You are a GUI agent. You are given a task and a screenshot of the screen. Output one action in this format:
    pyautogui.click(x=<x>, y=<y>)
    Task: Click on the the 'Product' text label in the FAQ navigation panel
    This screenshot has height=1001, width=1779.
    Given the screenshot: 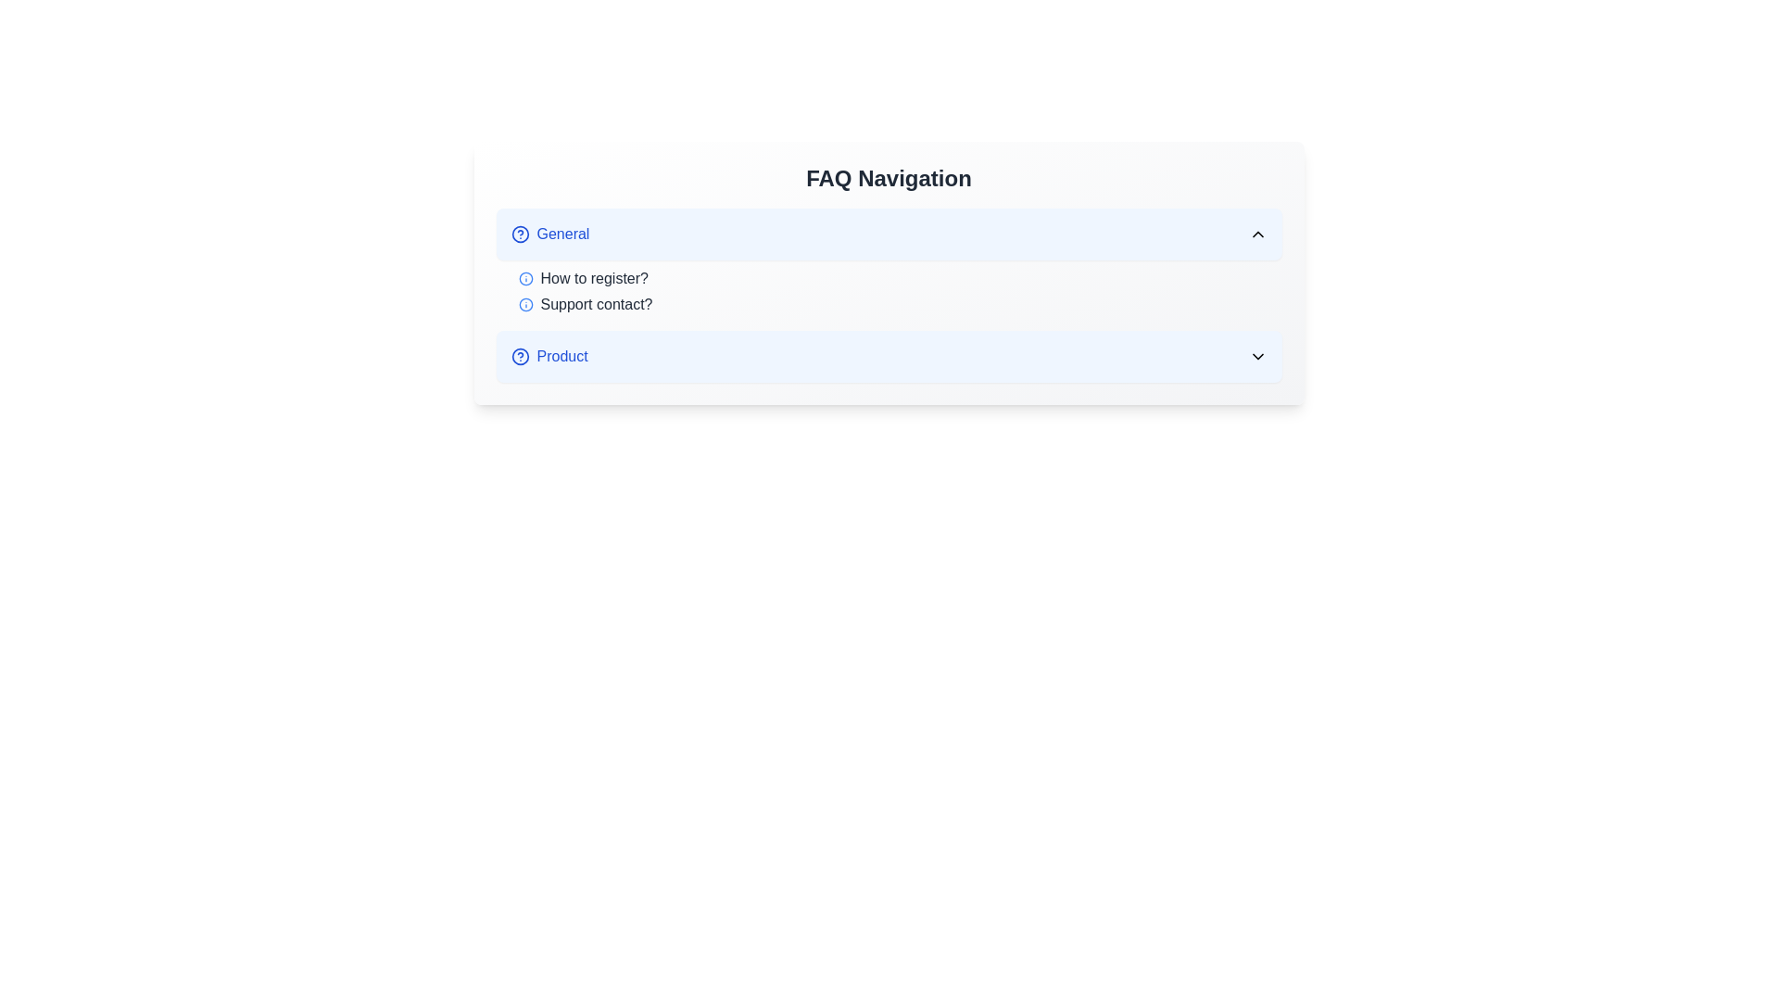 What is the action you would take?
    pyautogui.click(x=549, y=357)
    